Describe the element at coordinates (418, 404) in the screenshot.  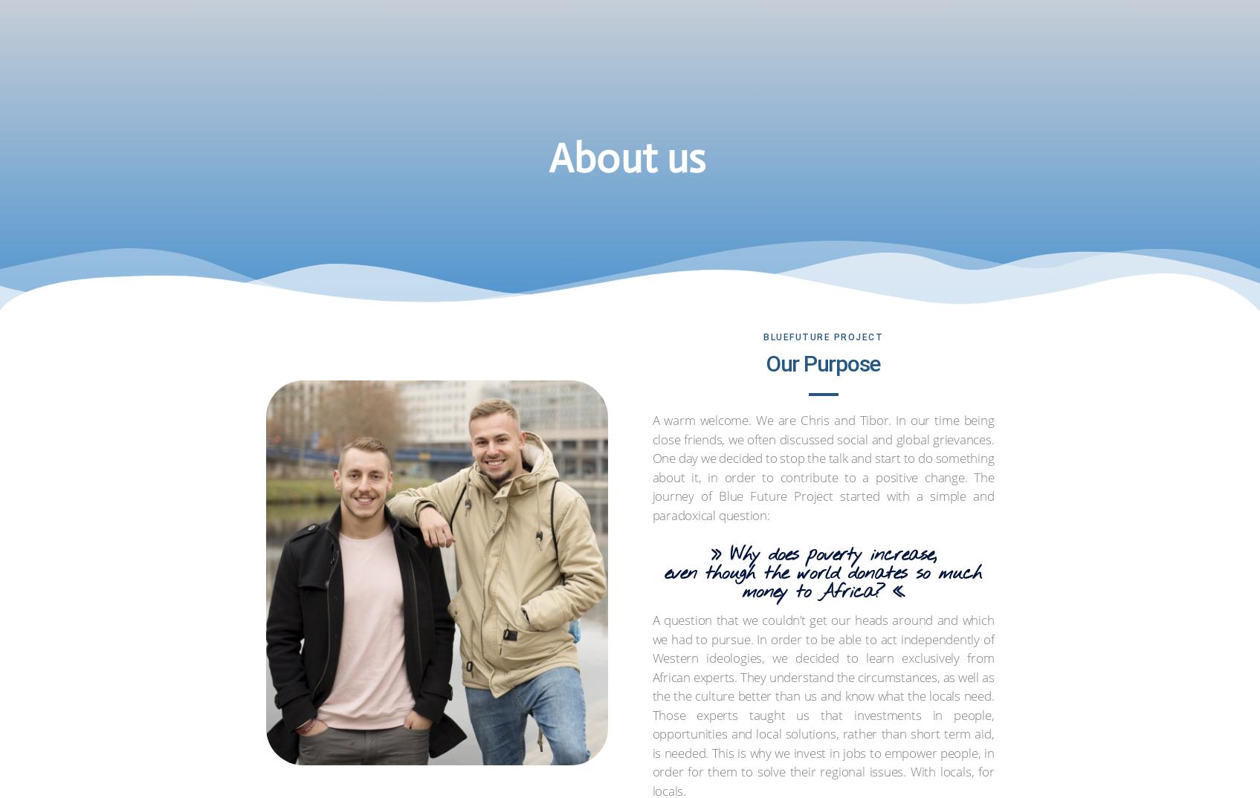
I see `'Ralph Breuling'` at that location.